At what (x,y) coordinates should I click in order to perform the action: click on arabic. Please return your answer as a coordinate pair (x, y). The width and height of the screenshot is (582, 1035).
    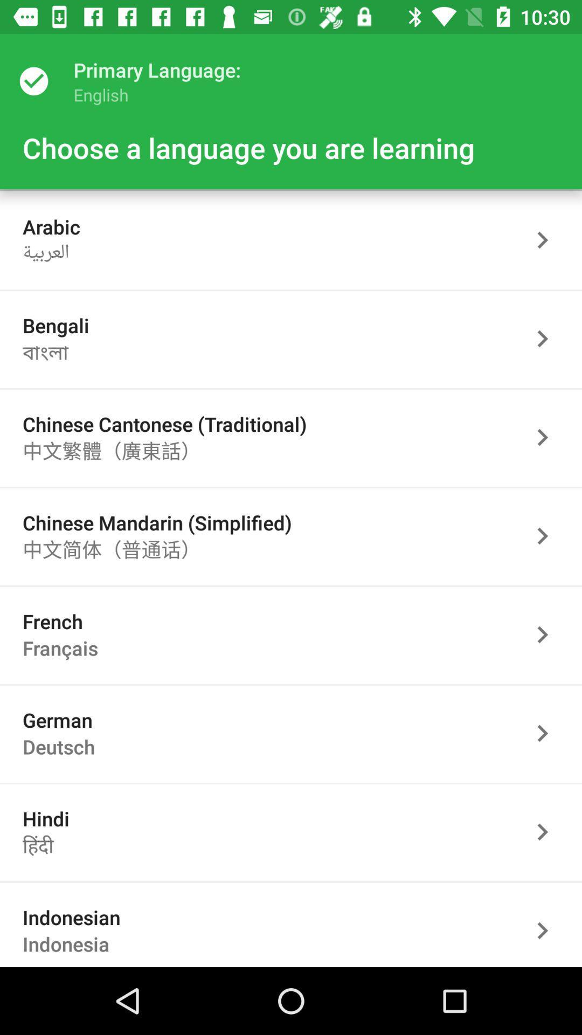
    Looking at the image, I should click on (548, 239).